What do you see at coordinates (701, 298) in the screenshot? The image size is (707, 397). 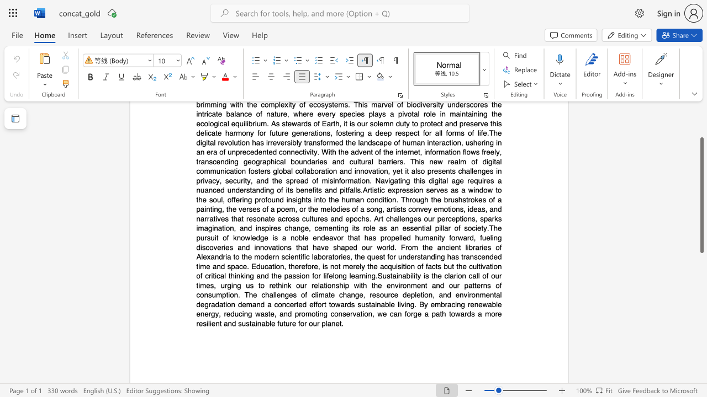 I see `the scrollbar to scroll downward` at bounding box center [701, 298].